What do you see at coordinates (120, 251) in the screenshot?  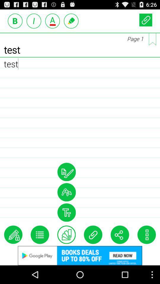 I see `the share icon` at bounding box center [120, 251].